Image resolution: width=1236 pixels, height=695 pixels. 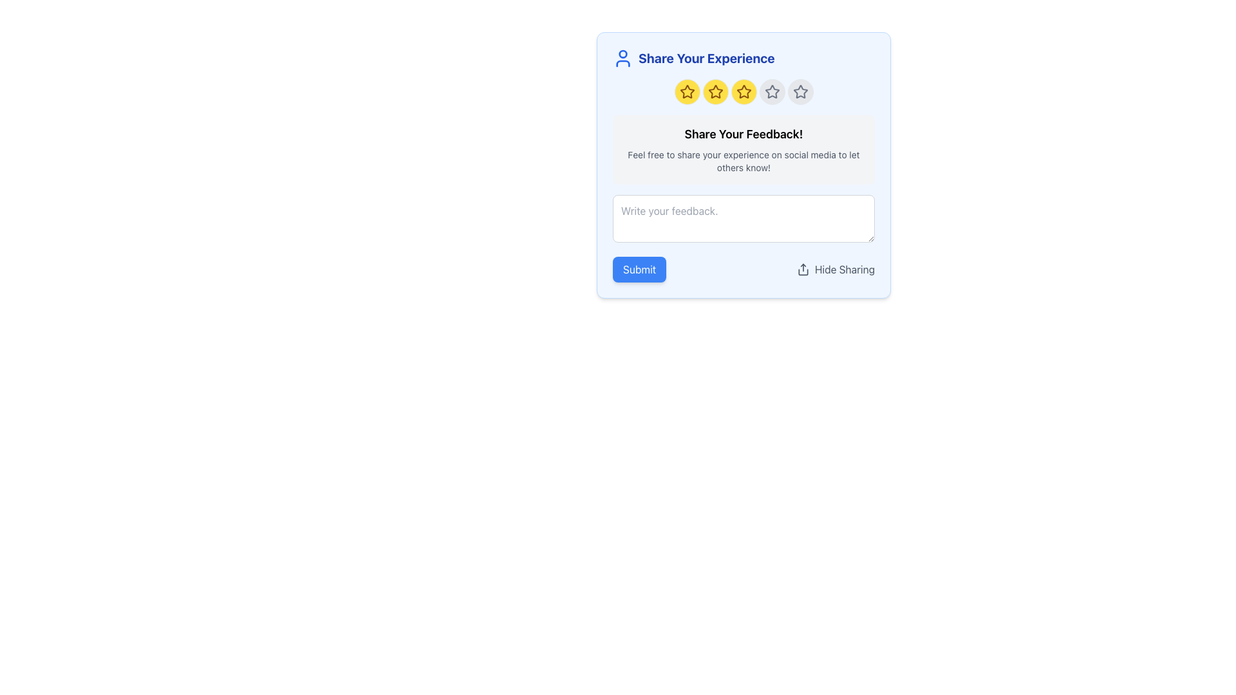 What do you see at coordinates (772, 91) in the screenshot?
I see `the fourth star icon in the rating system to confirm a four-star rating, located near the title 'Share Your Experience'` at bounding box center [772, 91].